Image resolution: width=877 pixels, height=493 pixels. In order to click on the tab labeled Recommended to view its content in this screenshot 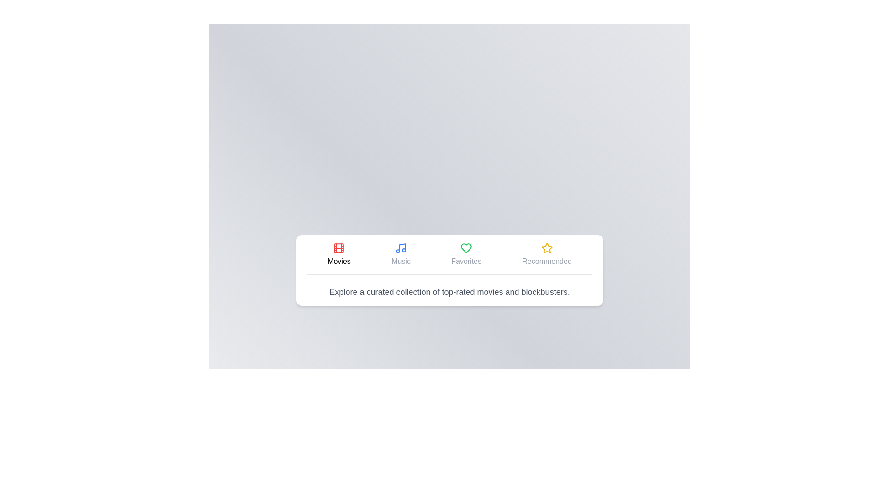, I will do `click(546, 254)`.